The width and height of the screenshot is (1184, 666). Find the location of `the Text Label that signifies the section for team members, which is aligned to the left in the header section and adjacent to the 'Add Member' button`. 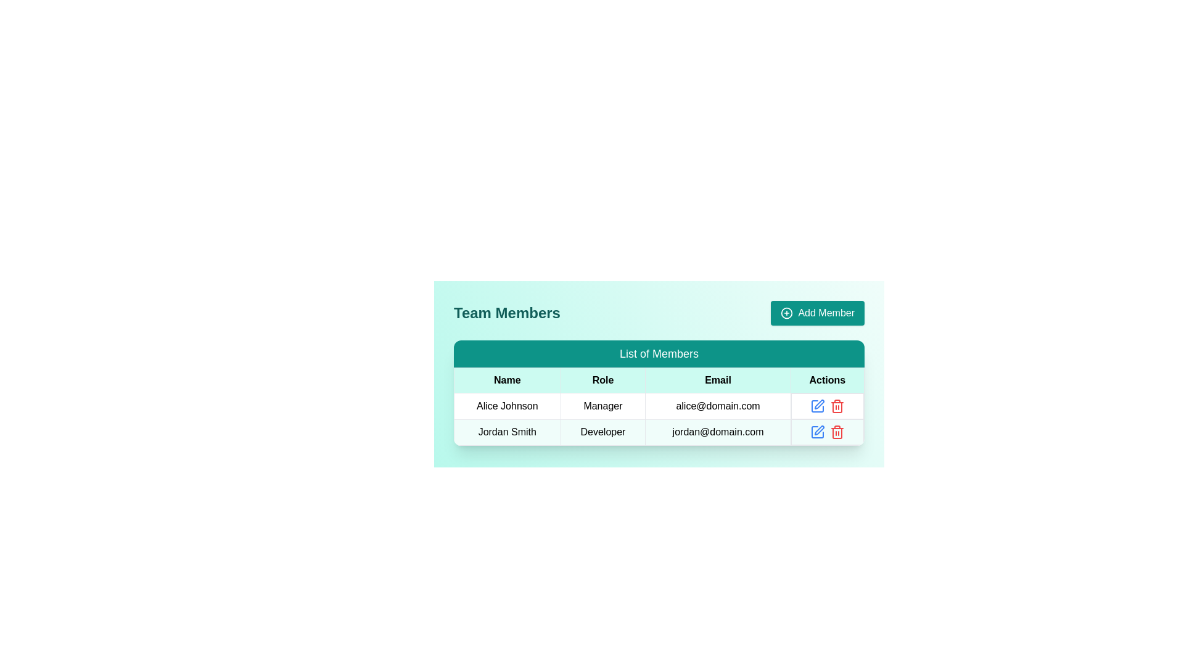

the Text Label that signifies the section for team members, which is aligned to the left in the header section and adjacent to the 'Add Member' button is located at coordinates (507, 313).